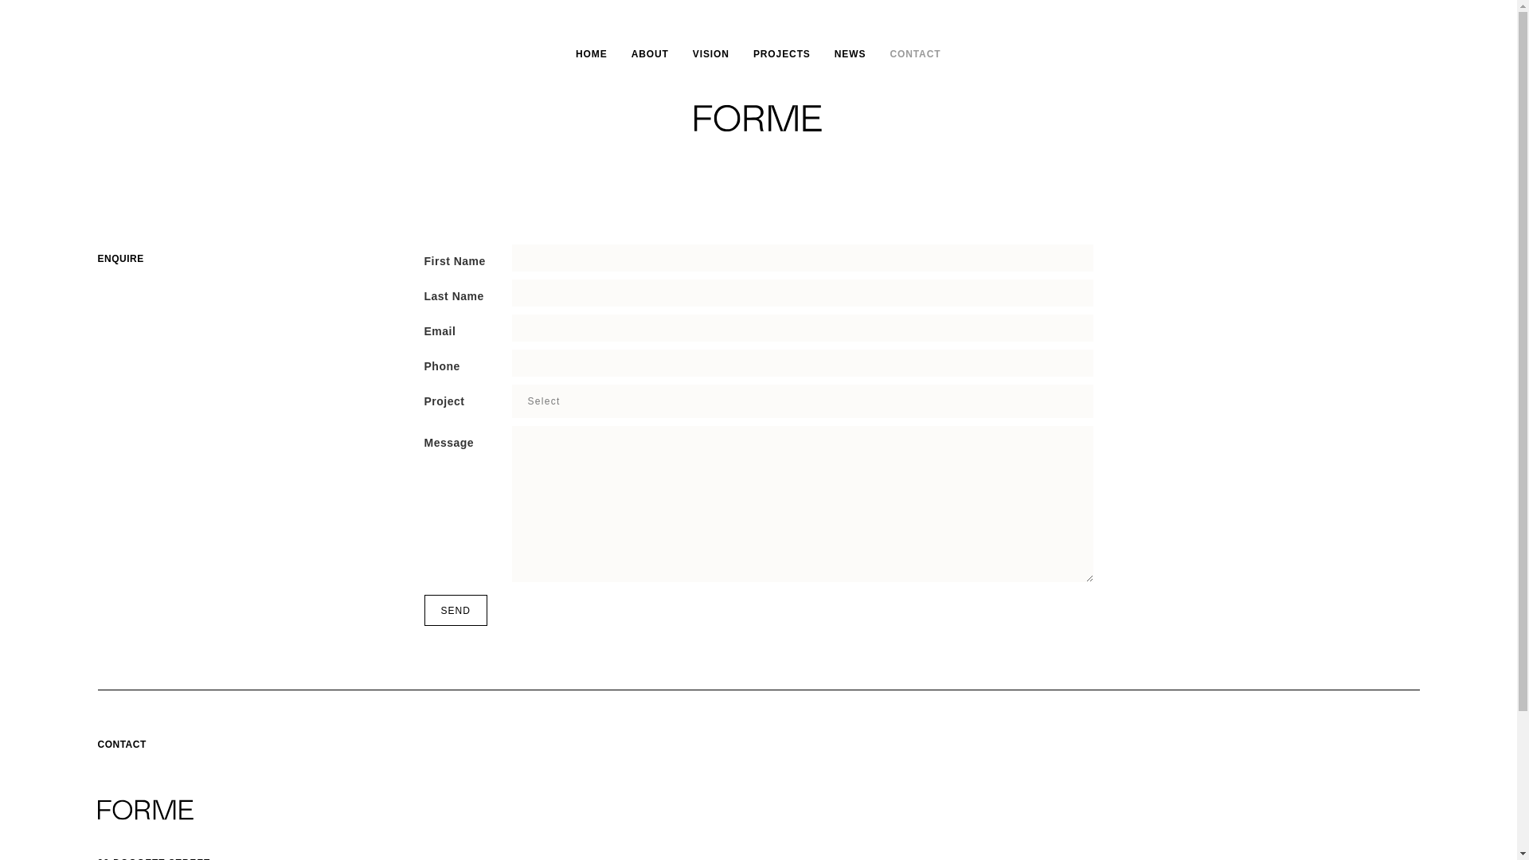 The width and height of the screenshot is (1529, 860). Describe the element at coordinates (710, 53) in the screenshot. I see `'VISION'` at that location.